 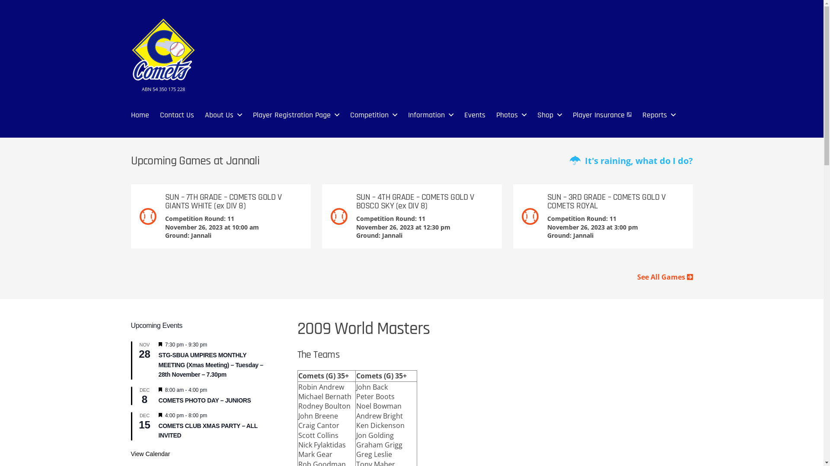 What do you see at coordinates (631, 161) in the screenshot?
I see `'It's raining, what do I do?'` at bounding box center [631, 161].